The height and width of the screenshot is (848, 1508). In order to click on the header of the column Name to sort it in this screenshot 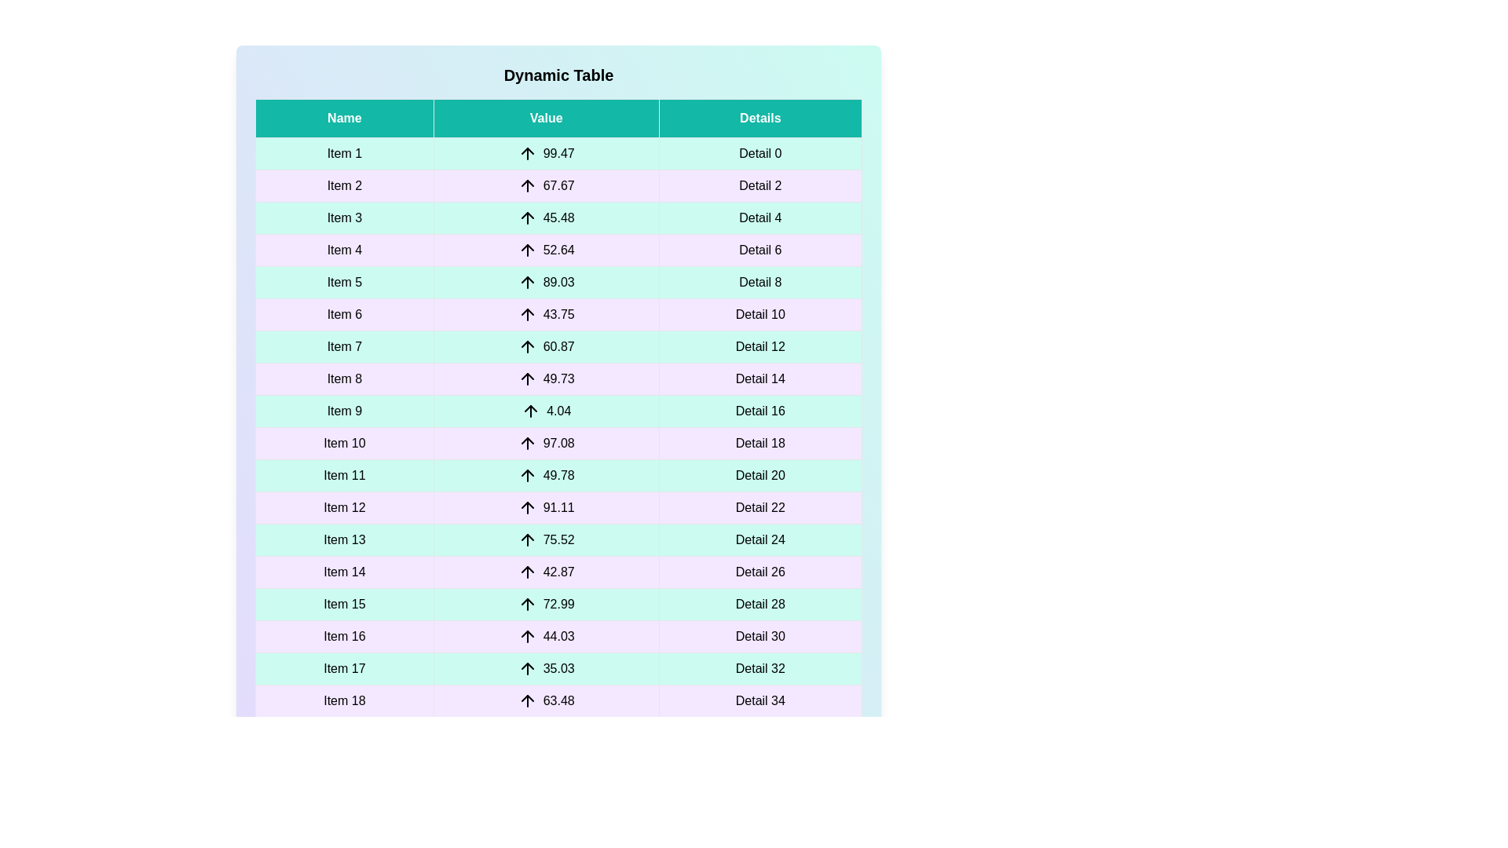, I will do `click(343, 117)`.